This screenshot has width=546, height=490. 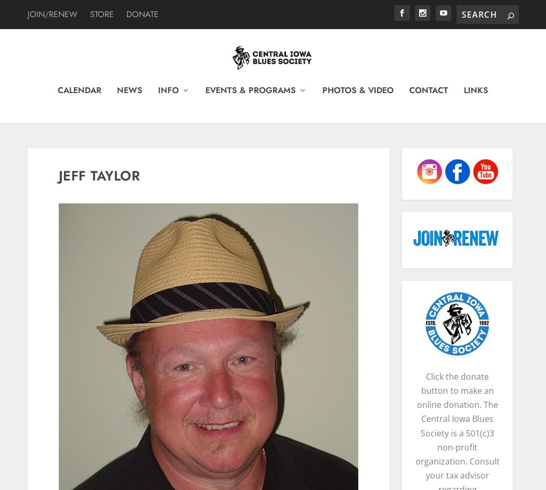 What do you see at coordinates (245, 188) in the screenshot?
I see `'Winter Blues Fest'` at bounding box center [245, 188].